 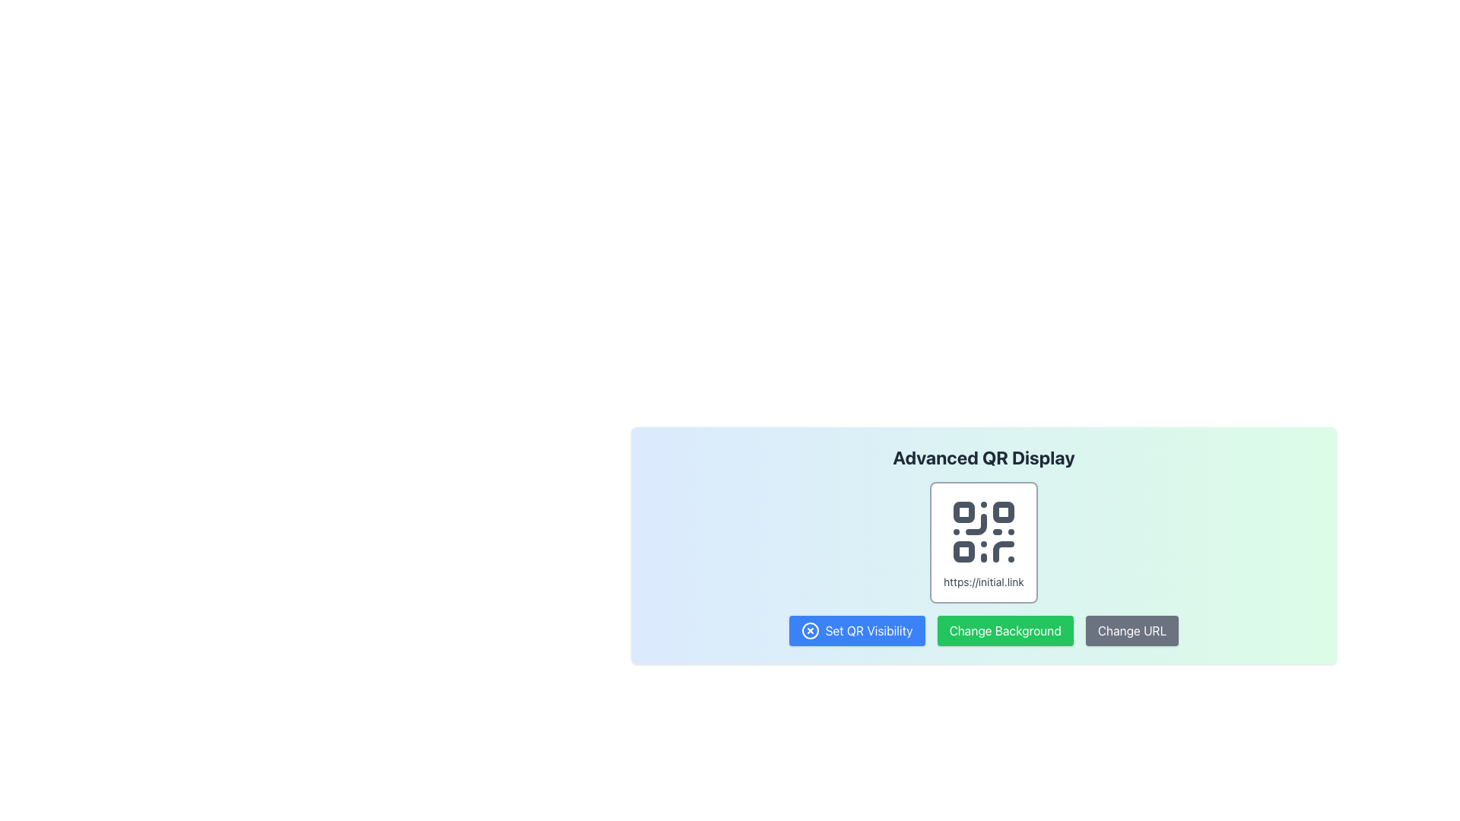 I want to click on the first decorative SVG rectangle in the top row of the QR code, which has rounded corners and is slightly left of the center, so click(x=963, y=512).